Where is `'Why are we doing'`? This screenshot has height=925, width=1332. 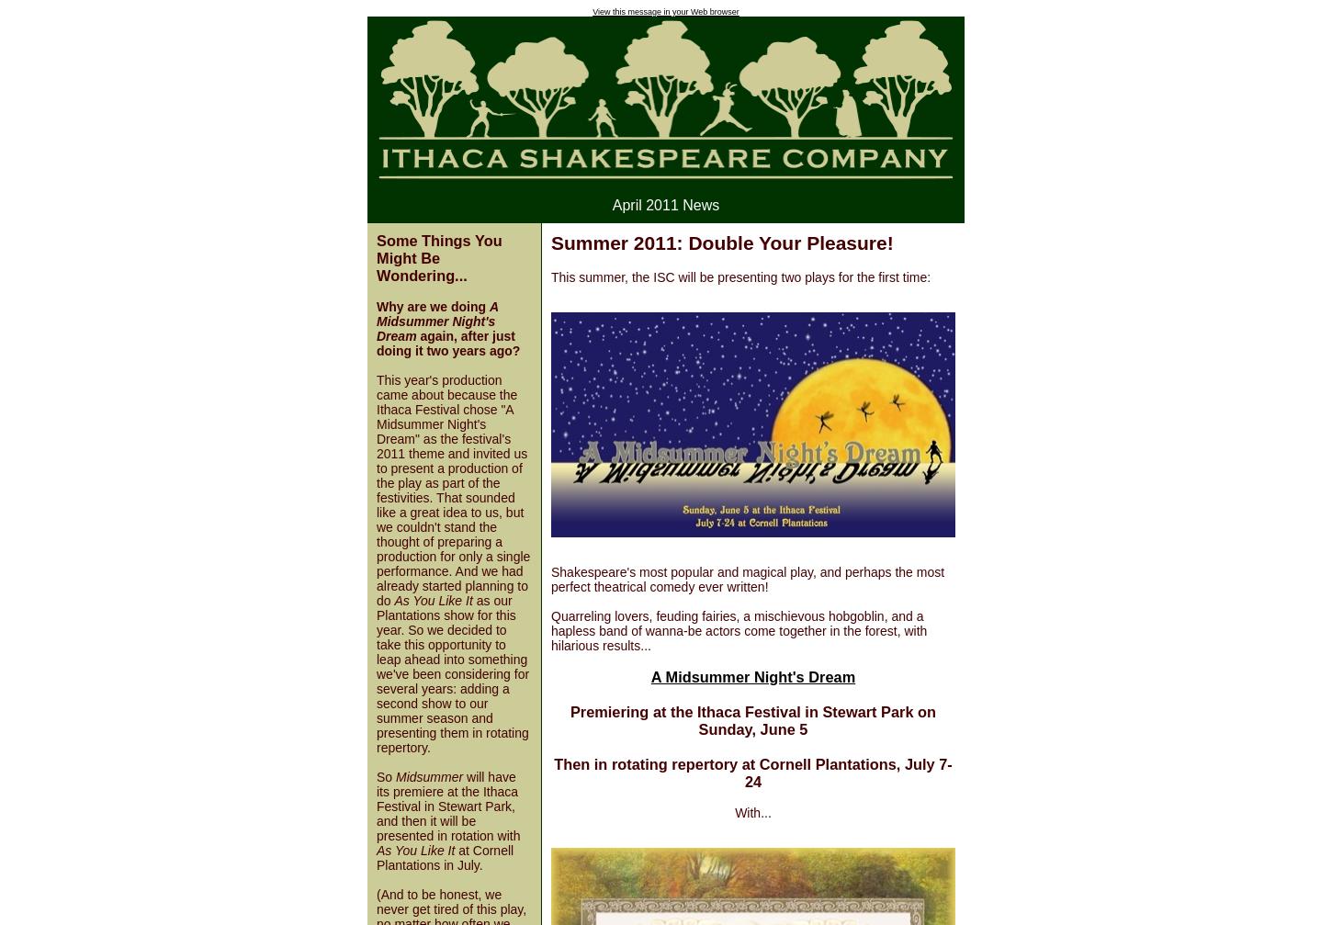 'Why are we doing' is located at coordinates (431, 307).